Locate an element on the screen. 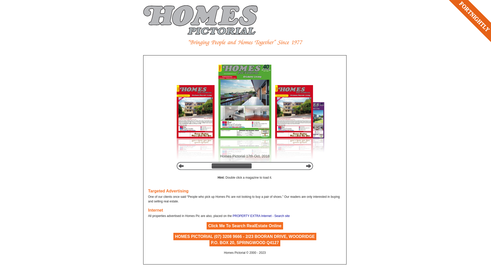  'Bringing People and Homes Together since 1977' is located at coordinates (245, 42).